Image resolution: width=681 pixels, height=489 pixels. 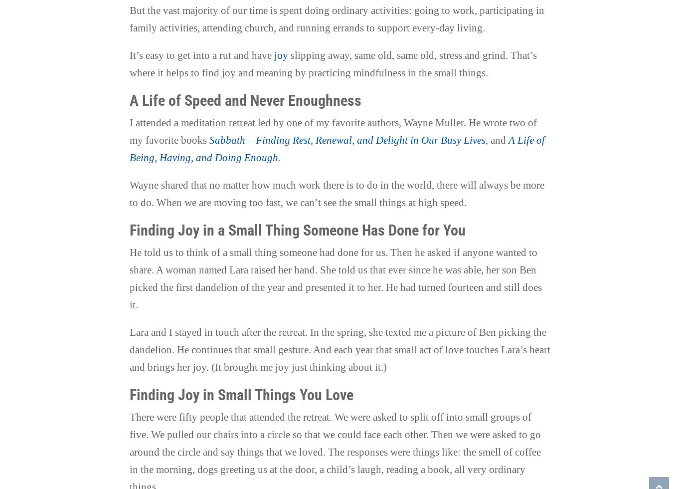 I want to click on 'A Life of Being, Having, and Doing Enough', so click(x=336, y=149).